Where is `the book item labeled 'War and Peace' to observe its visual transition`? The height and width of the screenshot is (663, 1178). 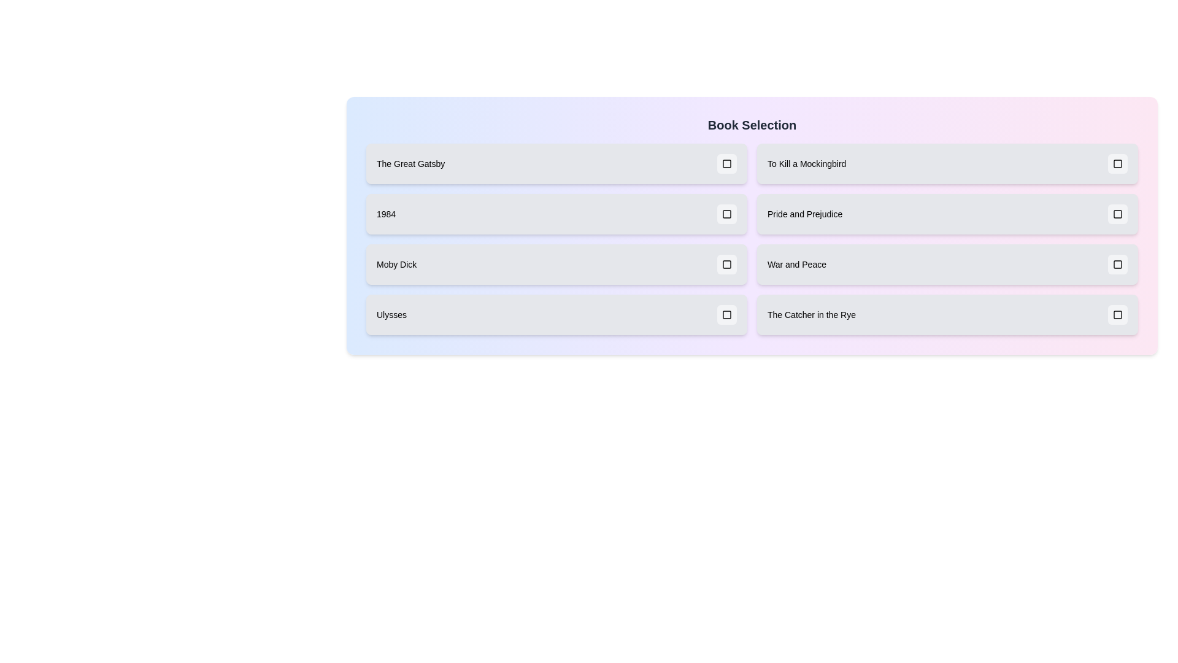 the book item labeled 'War and Peace' to observe its visual transition is located at coordinates (947, 264).